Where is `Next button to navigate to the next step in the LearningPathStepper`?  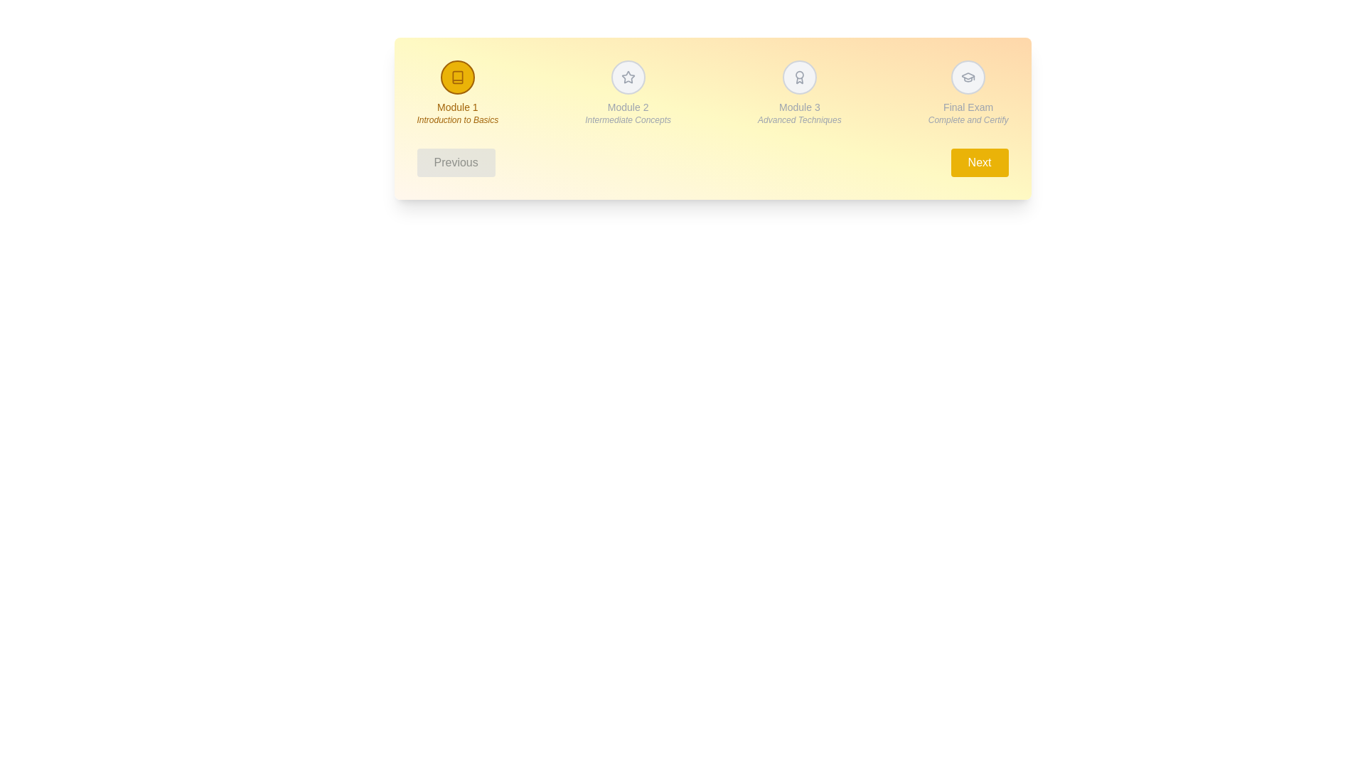
Next button to navigate to the next step in the LearningPathStepper is located at coordinates (978, 161).